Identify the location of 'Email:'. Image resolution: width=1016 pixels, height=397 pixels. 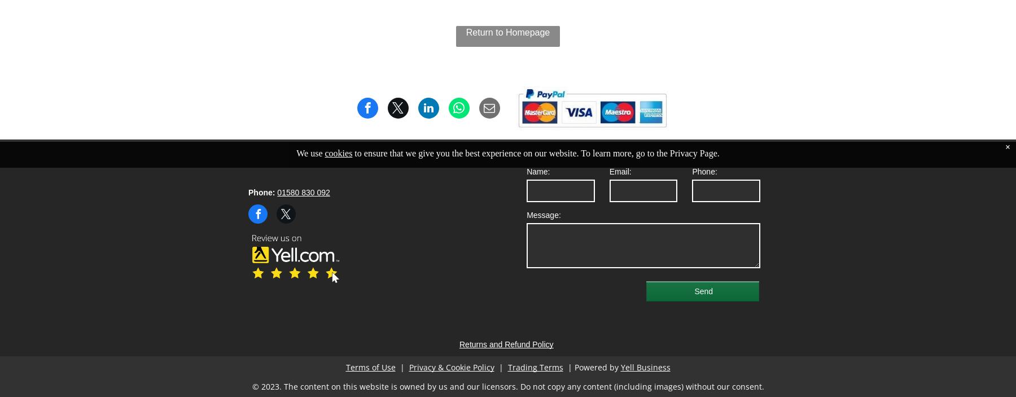
(620, 171).